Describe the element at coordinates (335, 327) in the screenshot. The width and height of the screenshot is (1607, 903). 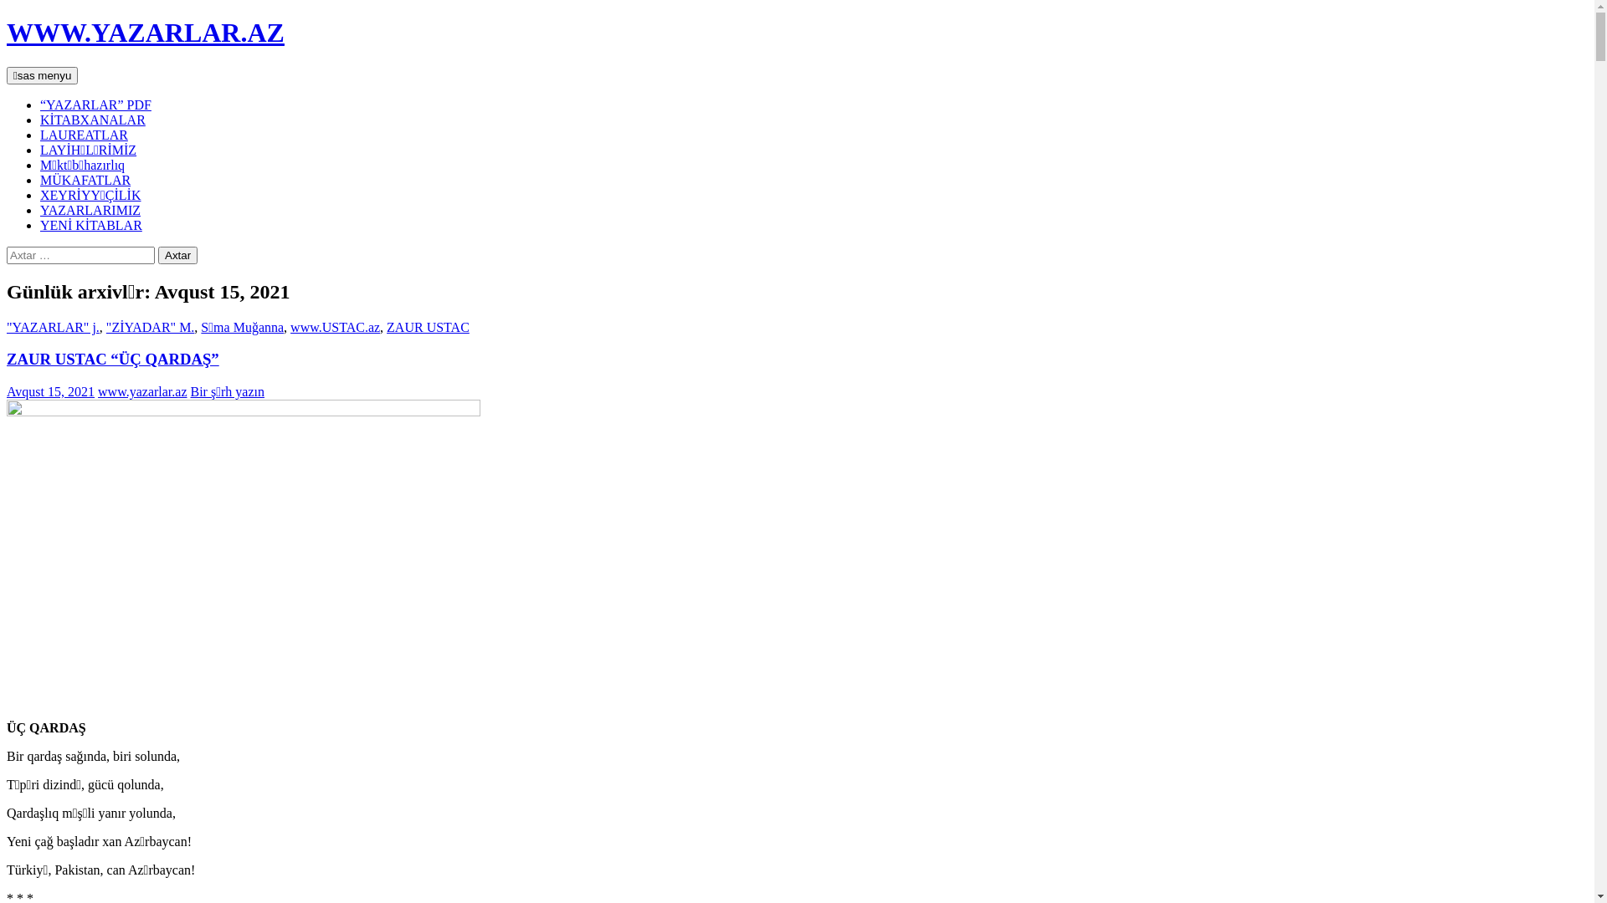
I see `'www.USTAC.az'` at that location.